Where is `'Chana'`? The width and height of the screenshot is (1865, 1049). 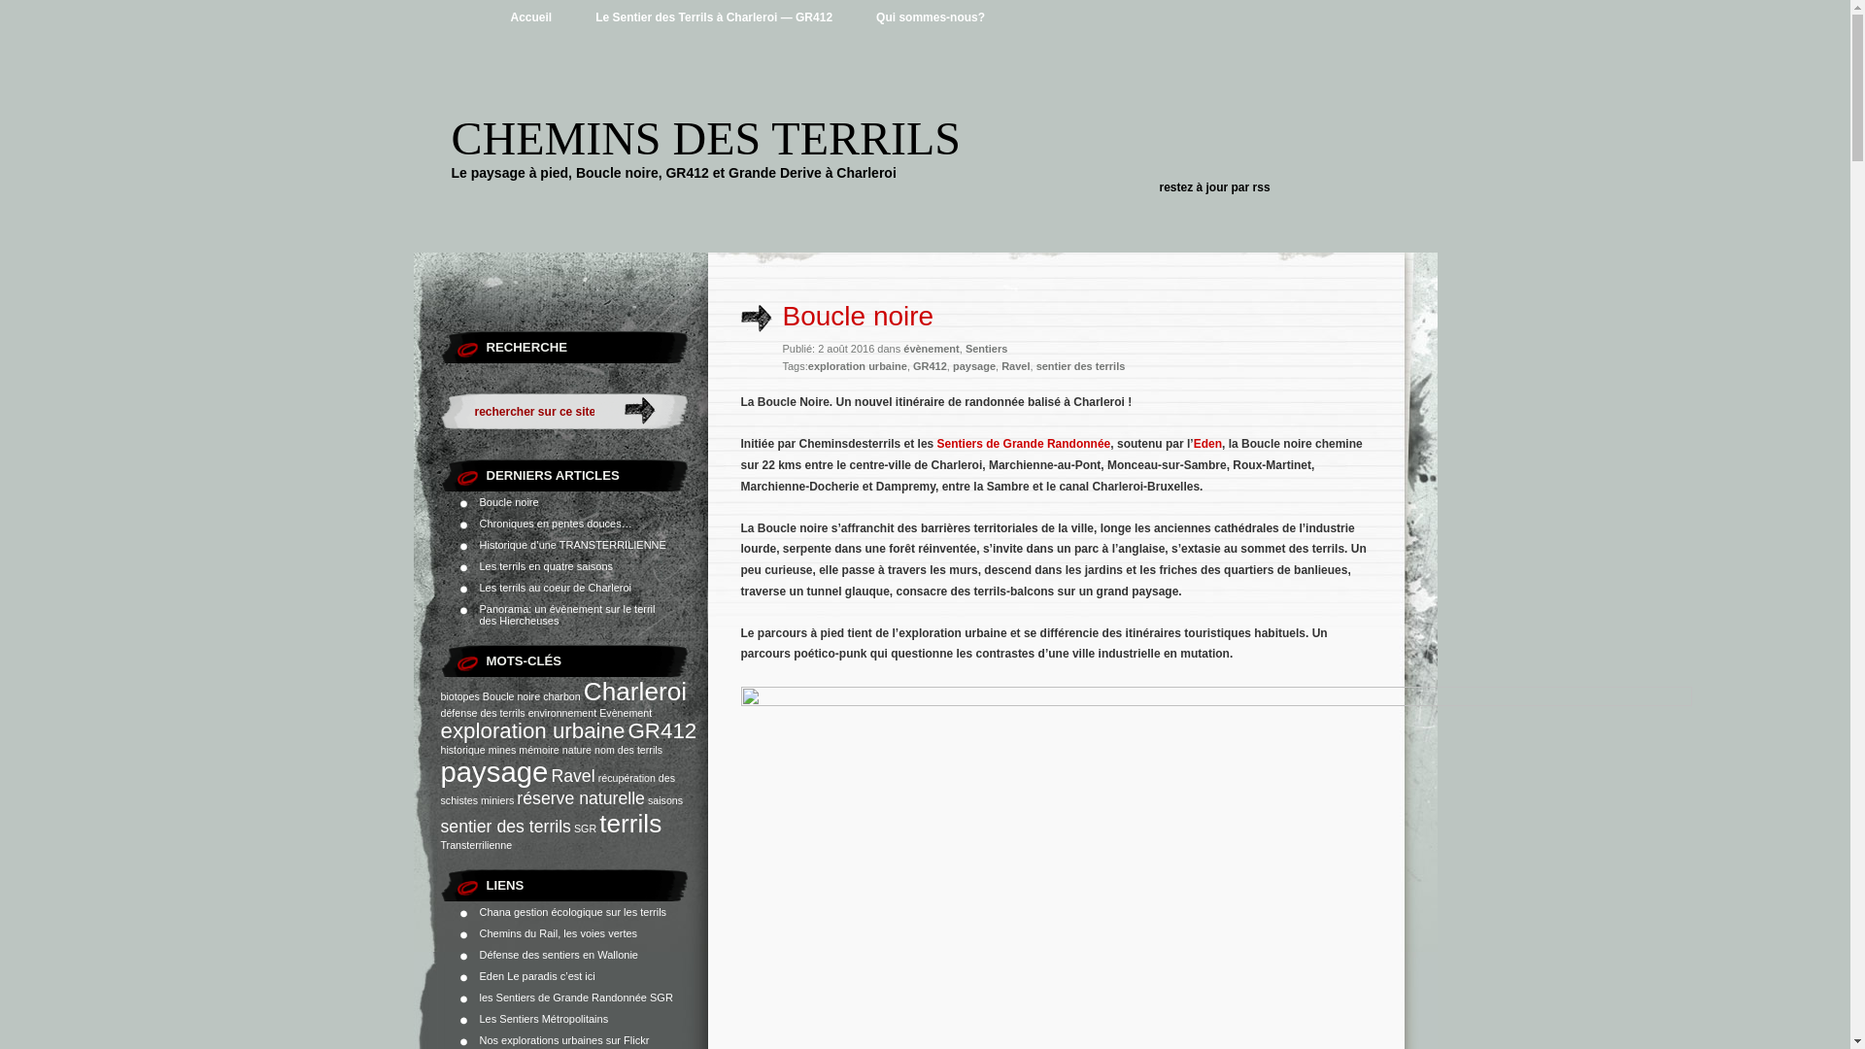
'Chana' is located at coordinates (480, 911).